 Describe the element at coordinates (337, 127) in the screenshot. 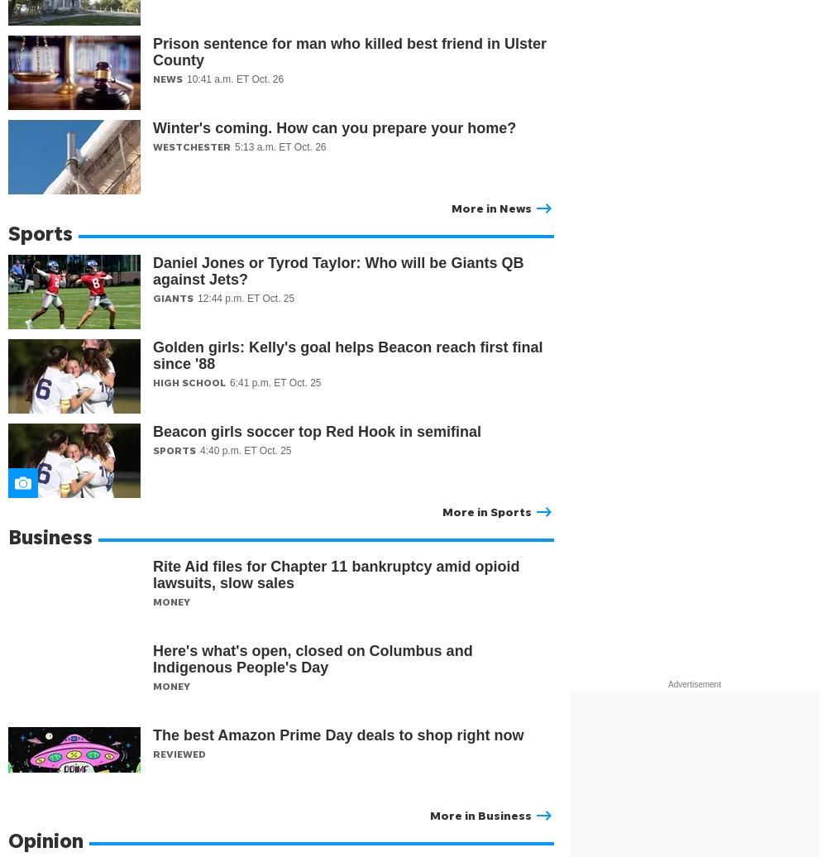

I see `'Winter's coming. How can you prepare your home?'` at that location.